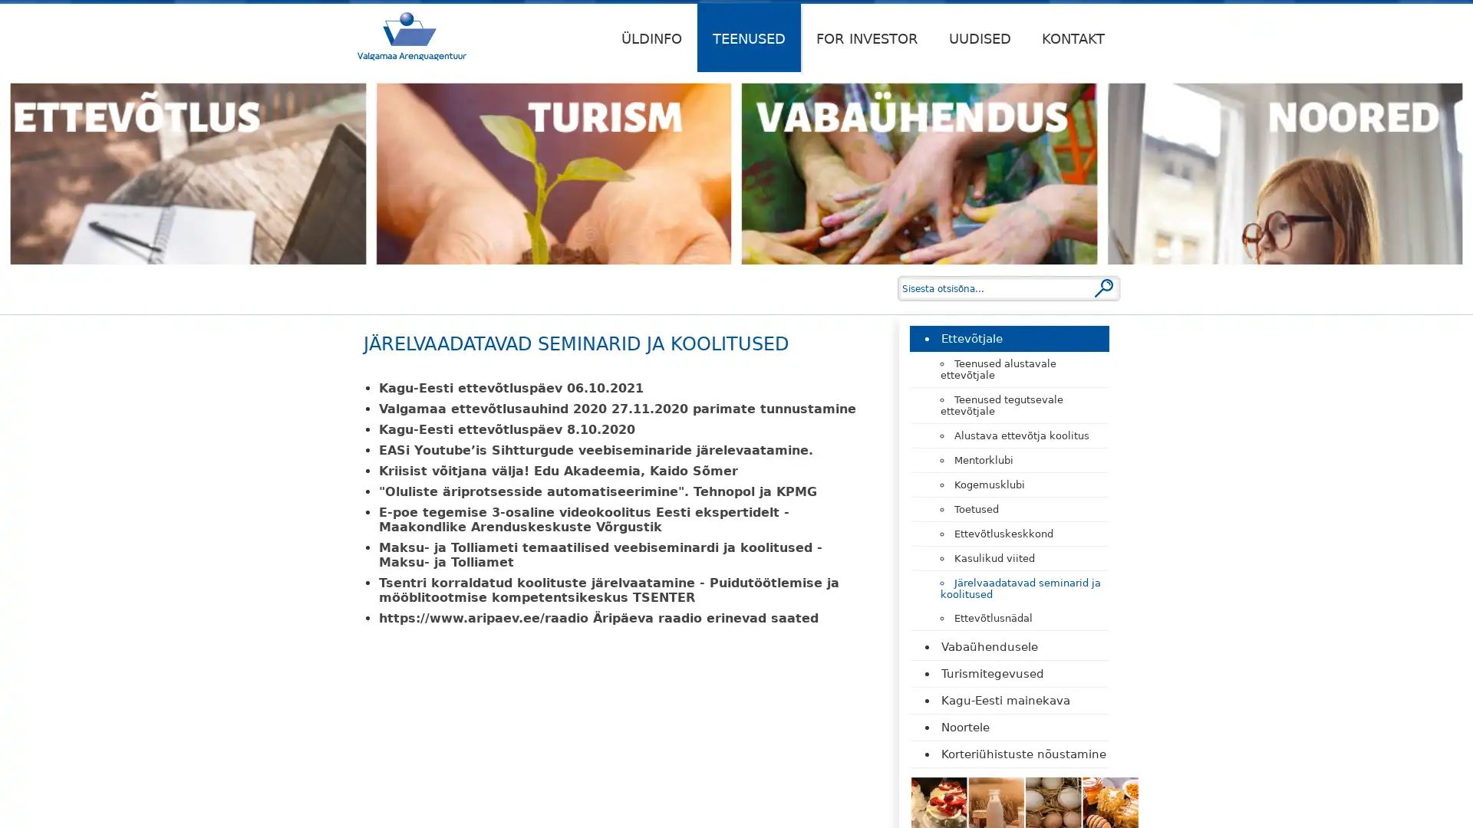 The width and height of the screenshot is (1473, 828). What do you see at coordinates (1103, 287) in the screenshot?
I see `Otsi` at bounding box center [1103, 287].